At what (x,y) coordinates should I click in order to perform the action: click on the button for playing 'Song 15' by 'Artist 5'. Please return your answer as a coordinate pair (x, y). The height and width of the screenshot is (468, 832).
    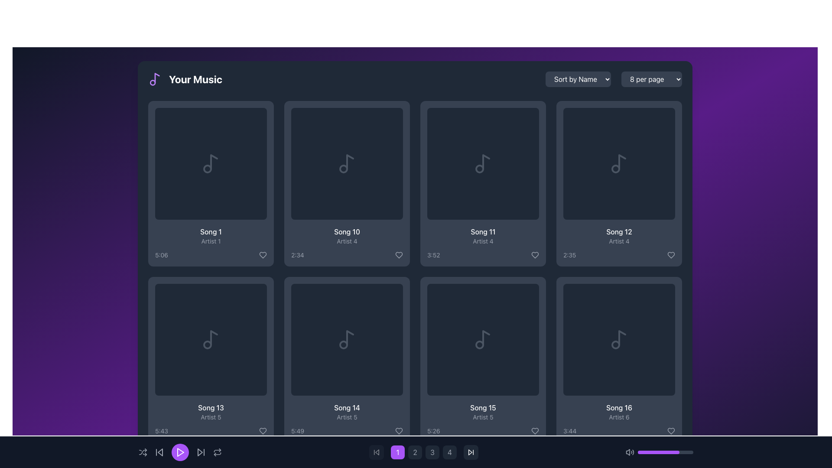
    Looking at the image, I should click on (482, 339).